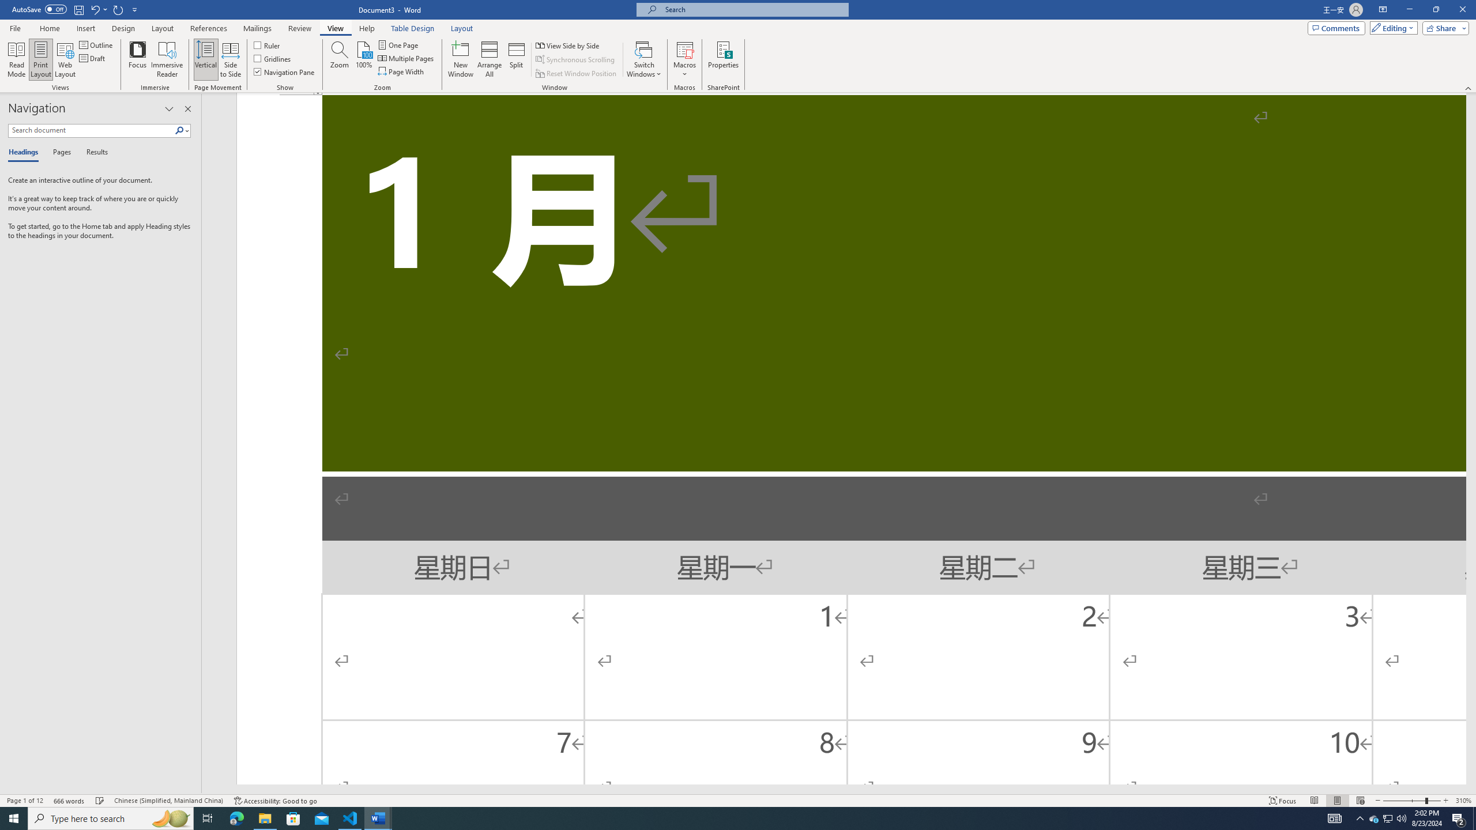  Describe the element at coordinates (1436, 9) in the screenshot. I see `'Restore Down'` at that location.